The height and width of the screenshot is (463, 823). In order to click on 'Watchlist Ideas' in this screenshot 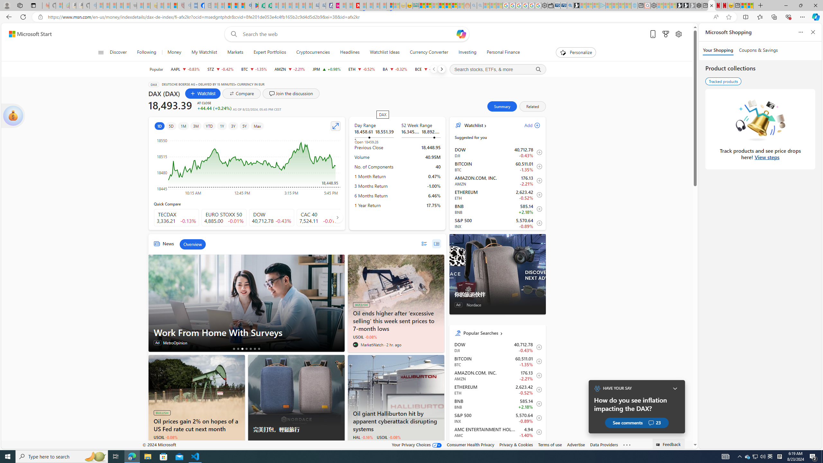, I will do `click(384, 52)`.